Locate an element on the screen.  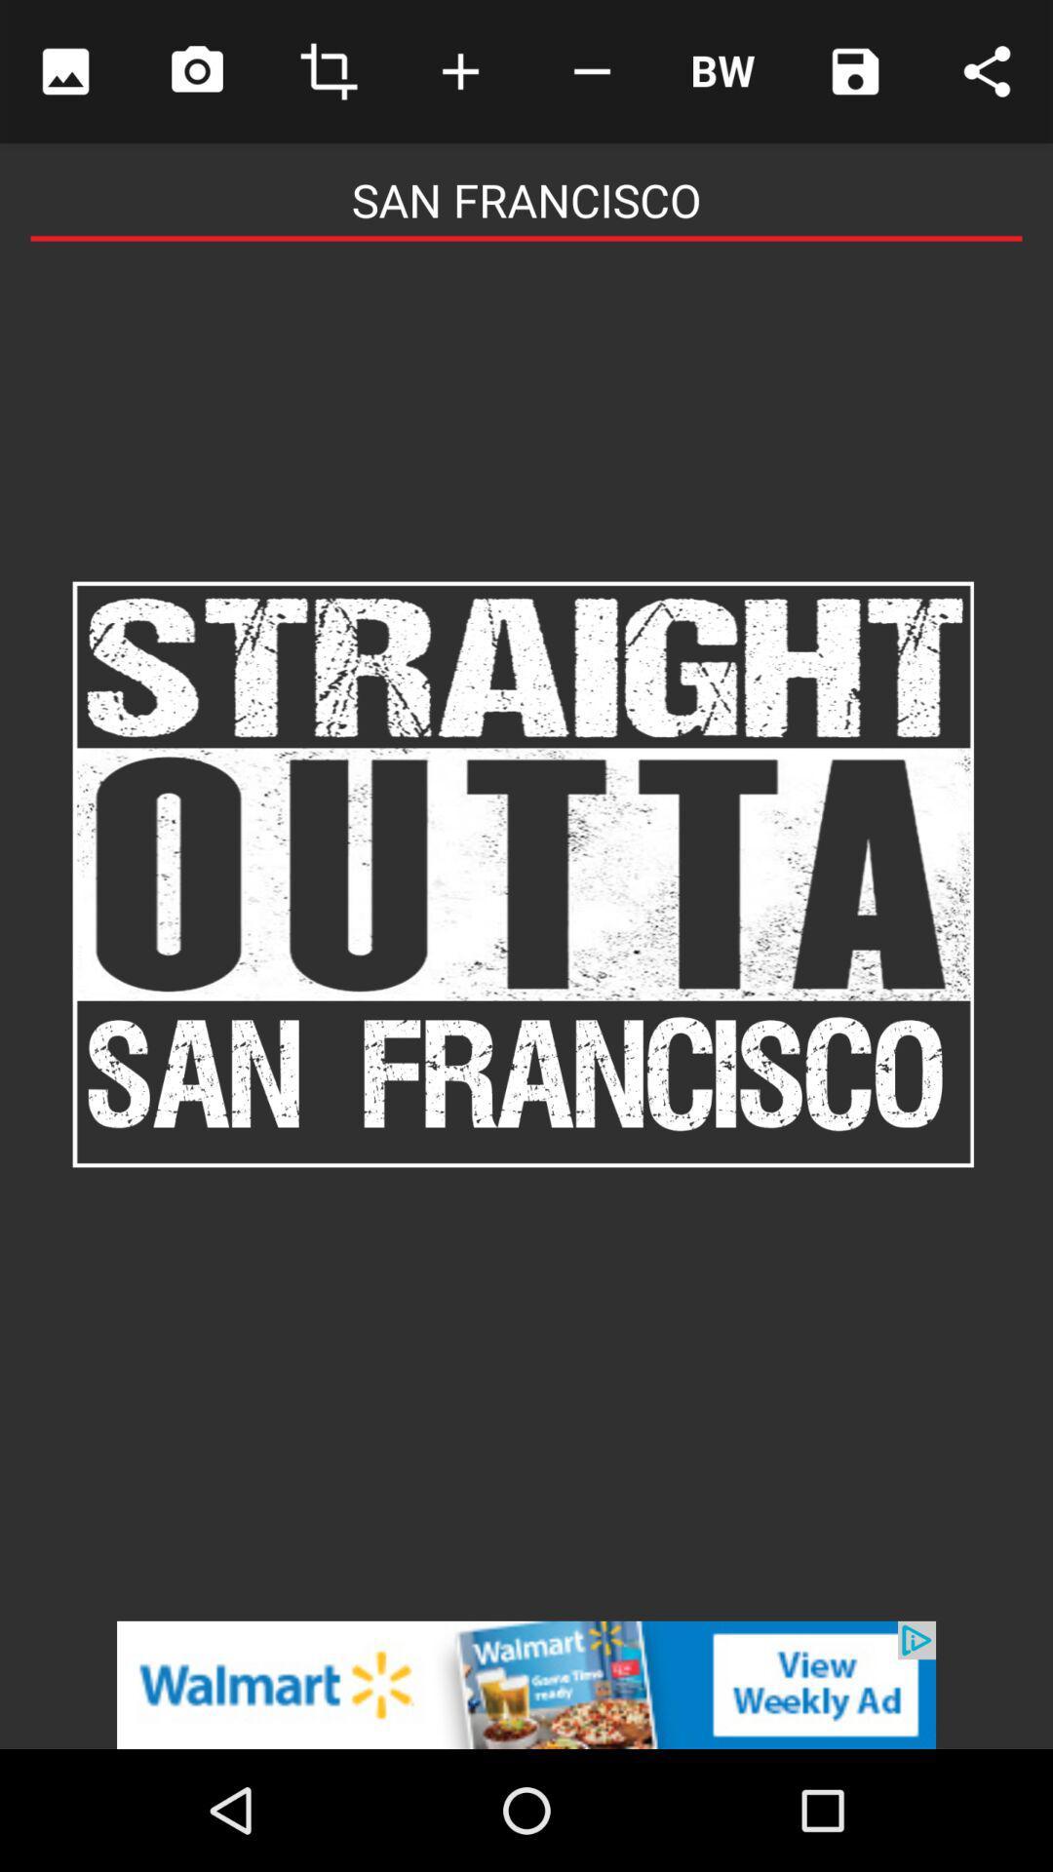
the save icon is located at coordinates (854, 71).